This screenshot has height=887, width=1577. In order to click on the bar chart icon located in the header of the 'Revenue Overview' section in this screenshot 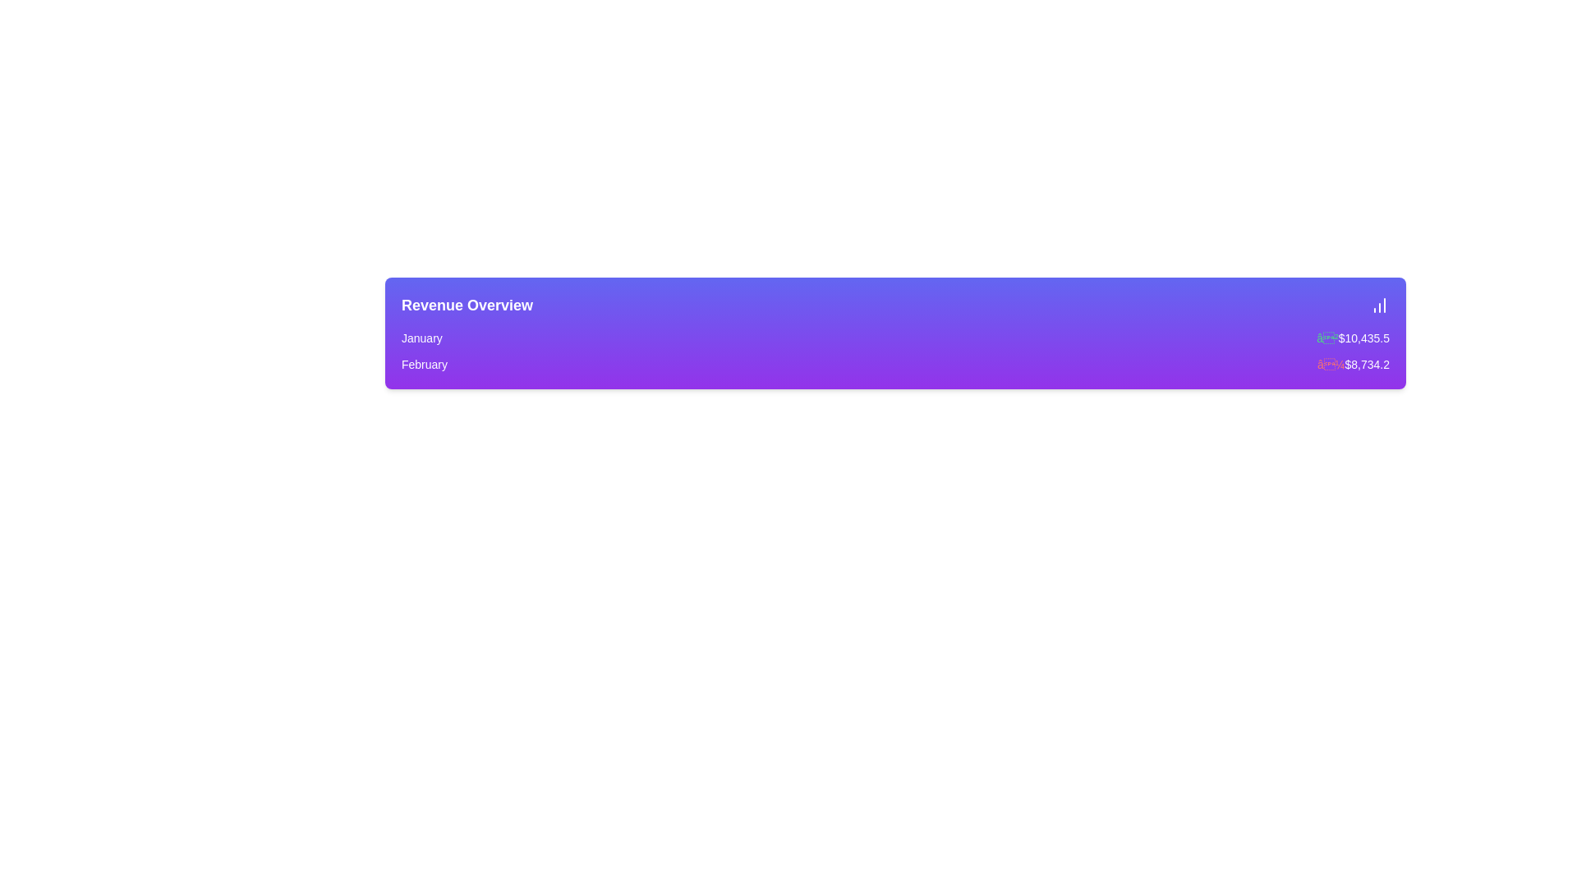, I will do `click(1380, 305)`.